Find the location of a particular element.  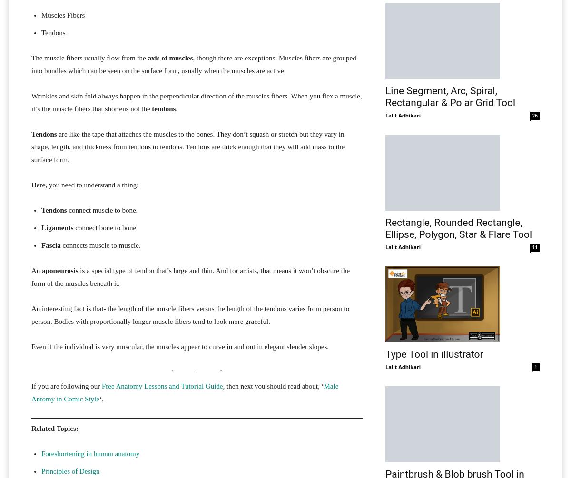

'11' is located at coordinates (534, 246).